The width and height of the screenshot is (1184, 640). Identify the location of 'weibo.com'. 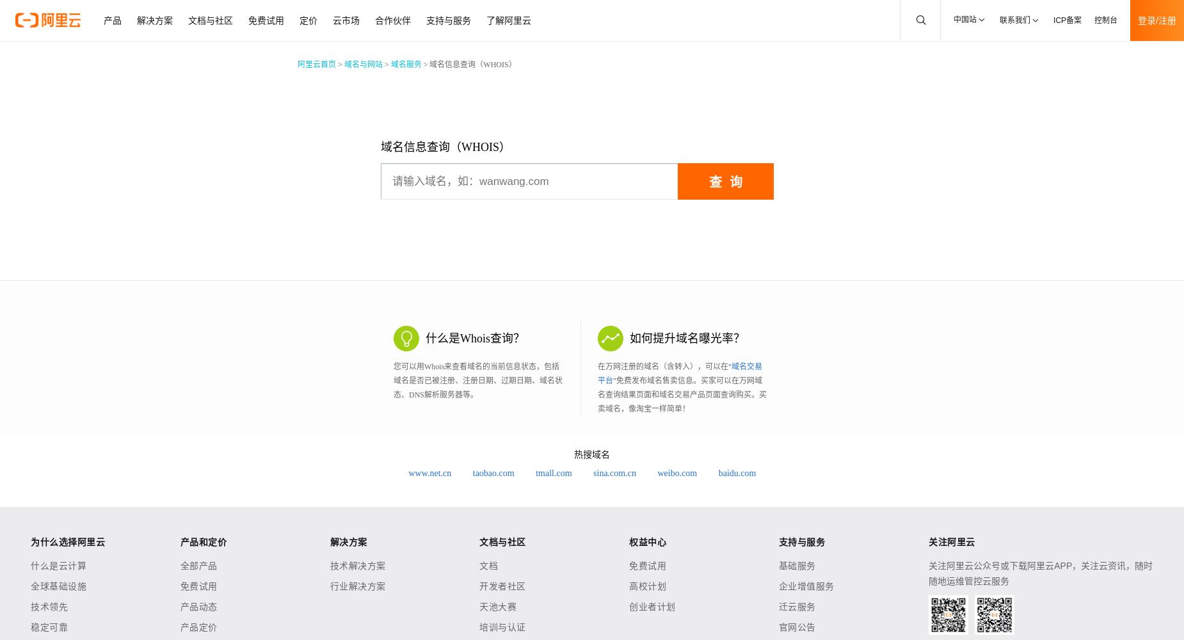
(676, 472).